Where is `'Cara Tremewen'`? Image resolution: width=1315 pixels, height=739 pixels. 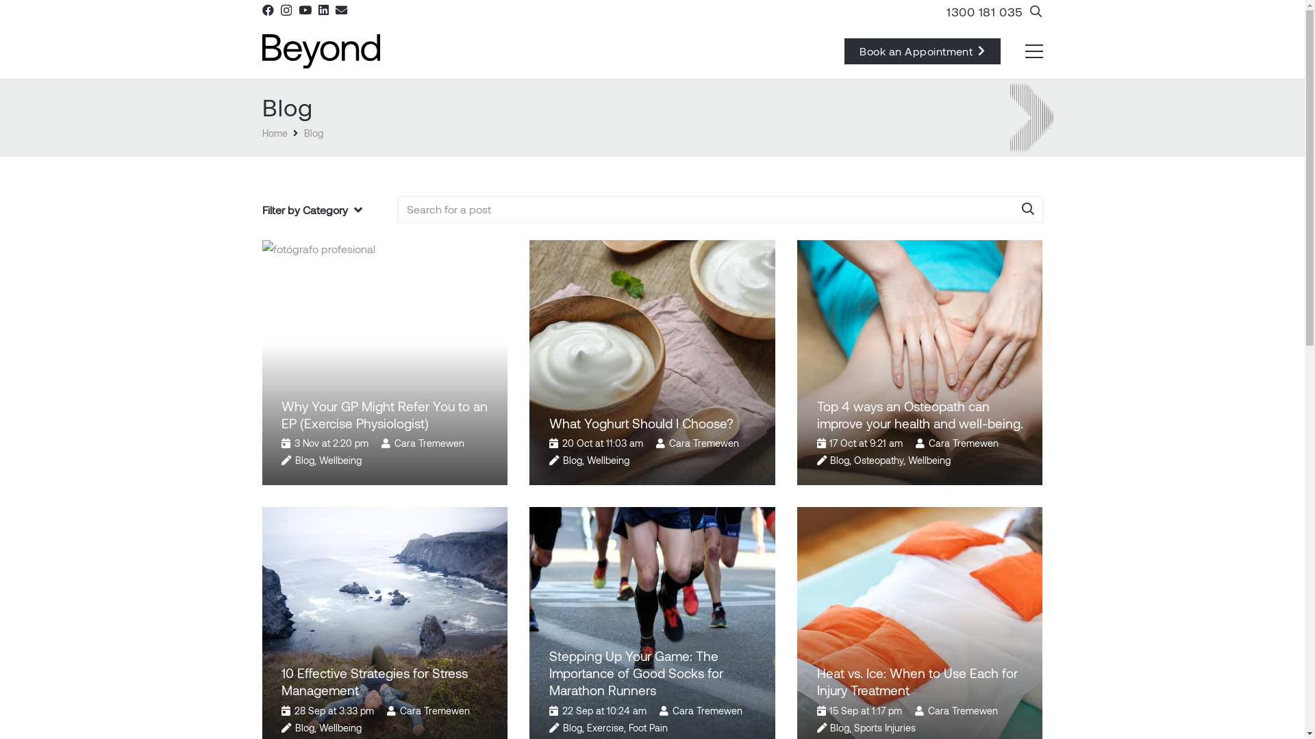
'Cara Tremewen' is located at coordinates (669, 443).